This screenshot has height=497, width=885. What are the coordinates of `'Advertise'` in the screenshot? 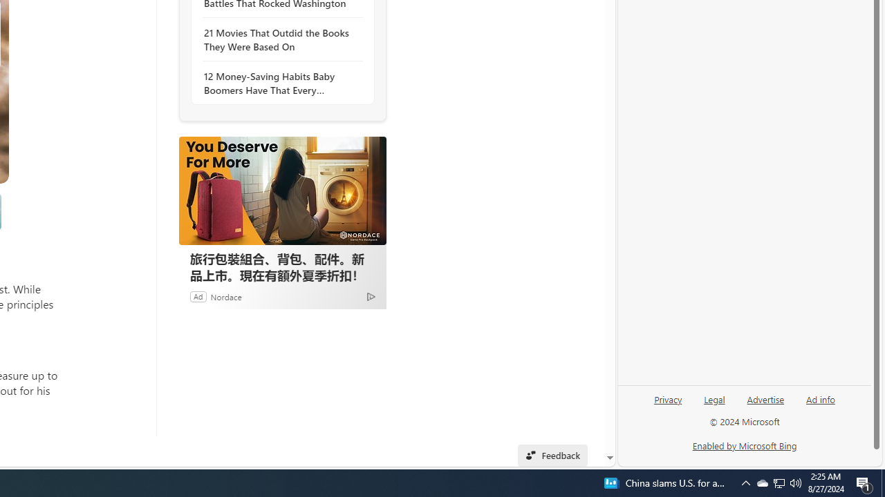 It's located at (765, 398).